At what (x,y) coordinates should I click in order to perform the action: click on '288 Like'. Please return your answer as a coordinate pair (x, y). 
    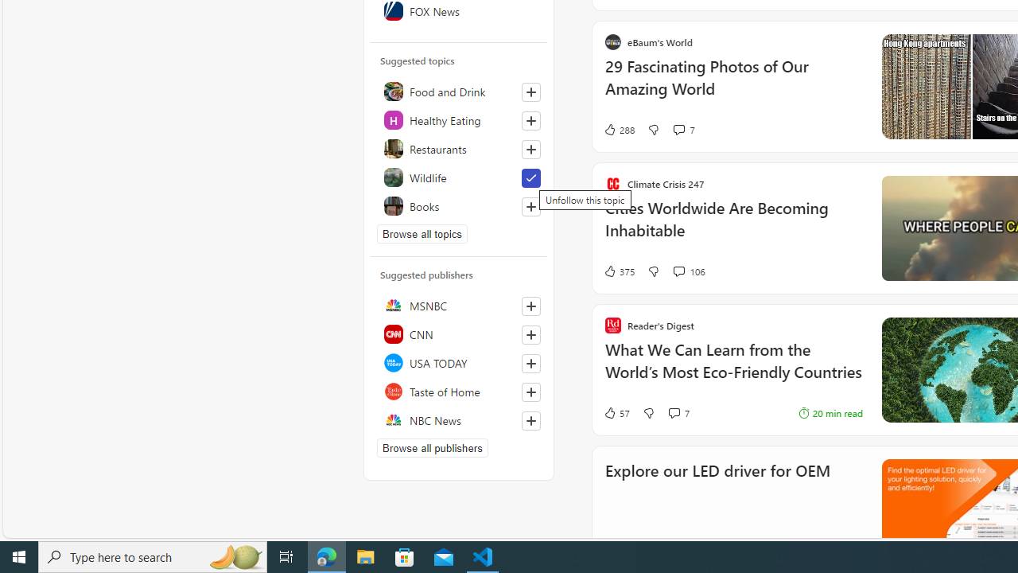
    Looking at the image, I should click on (618, 129).